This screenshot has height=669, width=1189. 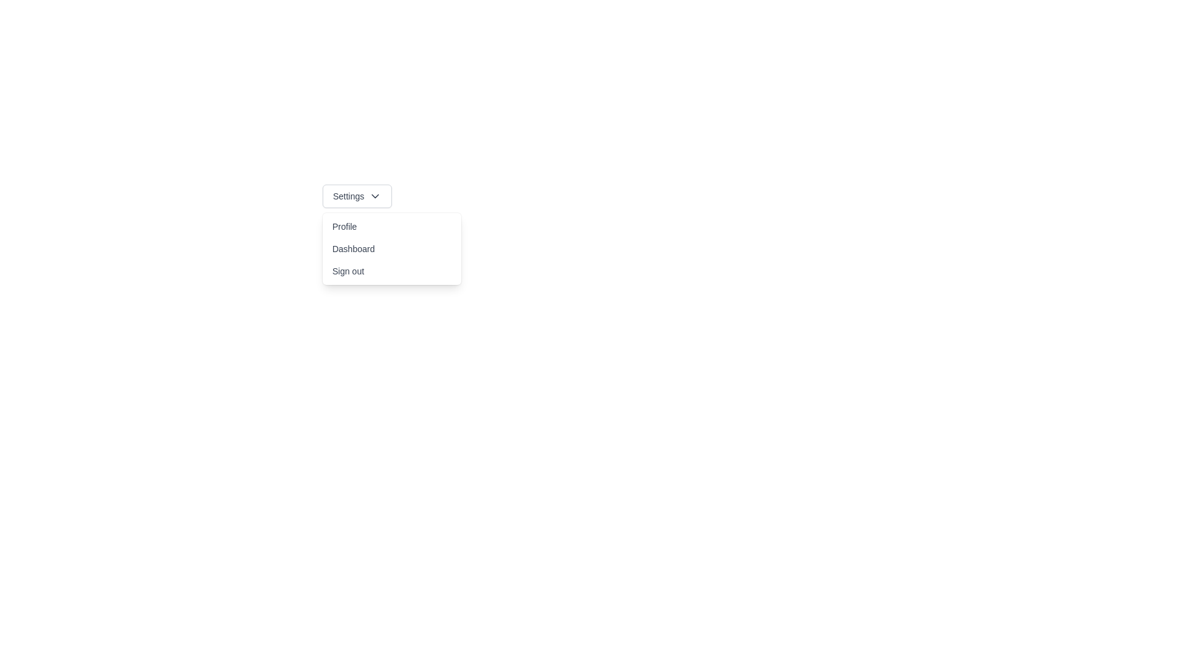 I want to click on the third item in the dropdown menu, which is likely to log out or end the session, positioned below the 'Profile' and 'Dashboard' options, so click(x=391, y=271).